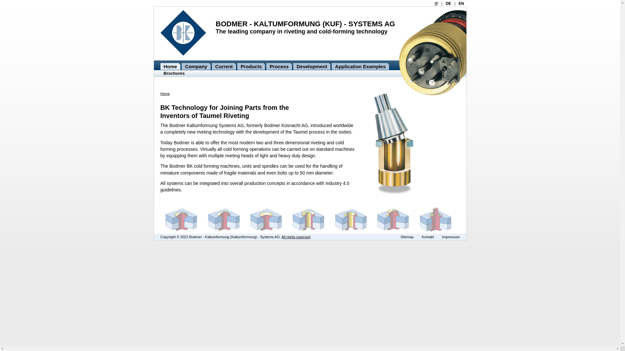 The image size is (625, 351). I want to click on 'Brochures', so click(174, 73).